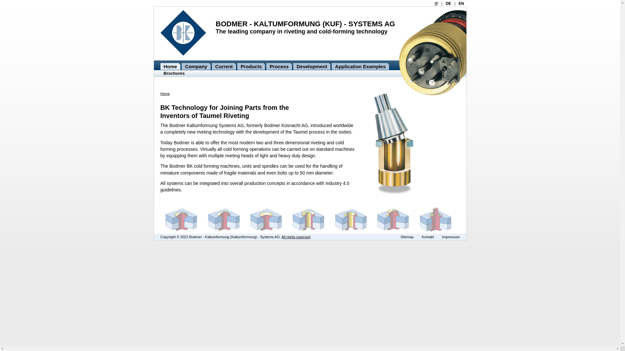 The image size is (625, 351). I want to click on 'Brochures', so click(174, 73).